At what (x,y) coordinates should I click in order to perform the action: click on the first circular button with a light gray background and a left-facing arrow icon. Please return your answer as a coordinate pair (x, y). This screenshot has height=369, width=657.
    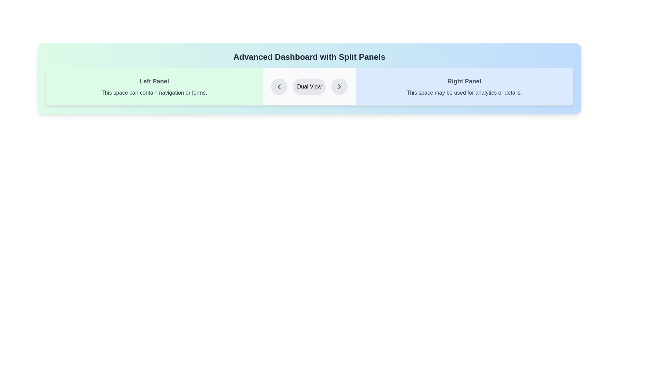
    Looking at the image, I should click on (279, 86).